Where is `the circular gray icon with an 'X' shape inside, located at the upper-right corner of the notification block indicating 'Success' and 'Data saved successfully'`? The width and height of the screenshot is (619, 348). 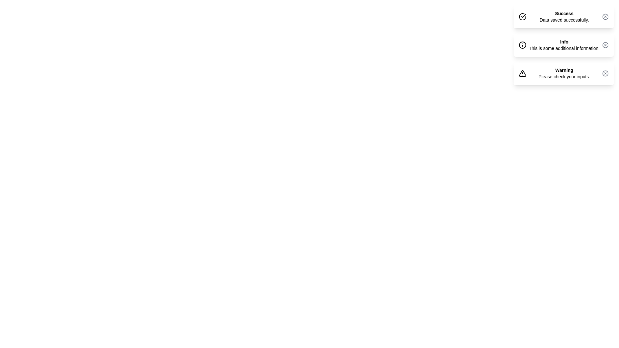 the circular gray icon with an 'X' shape inside, located at the upper-right corner of the notification block indicating 'Success' and 'Data saved successfully' is located at coordinates (605, 16).